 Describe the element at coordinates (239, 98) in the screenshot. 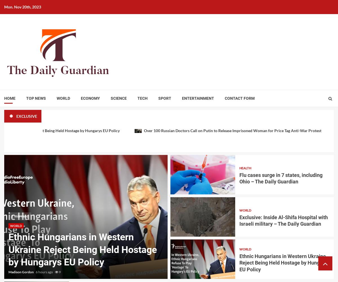

I see `'Contact Form'` at that location.